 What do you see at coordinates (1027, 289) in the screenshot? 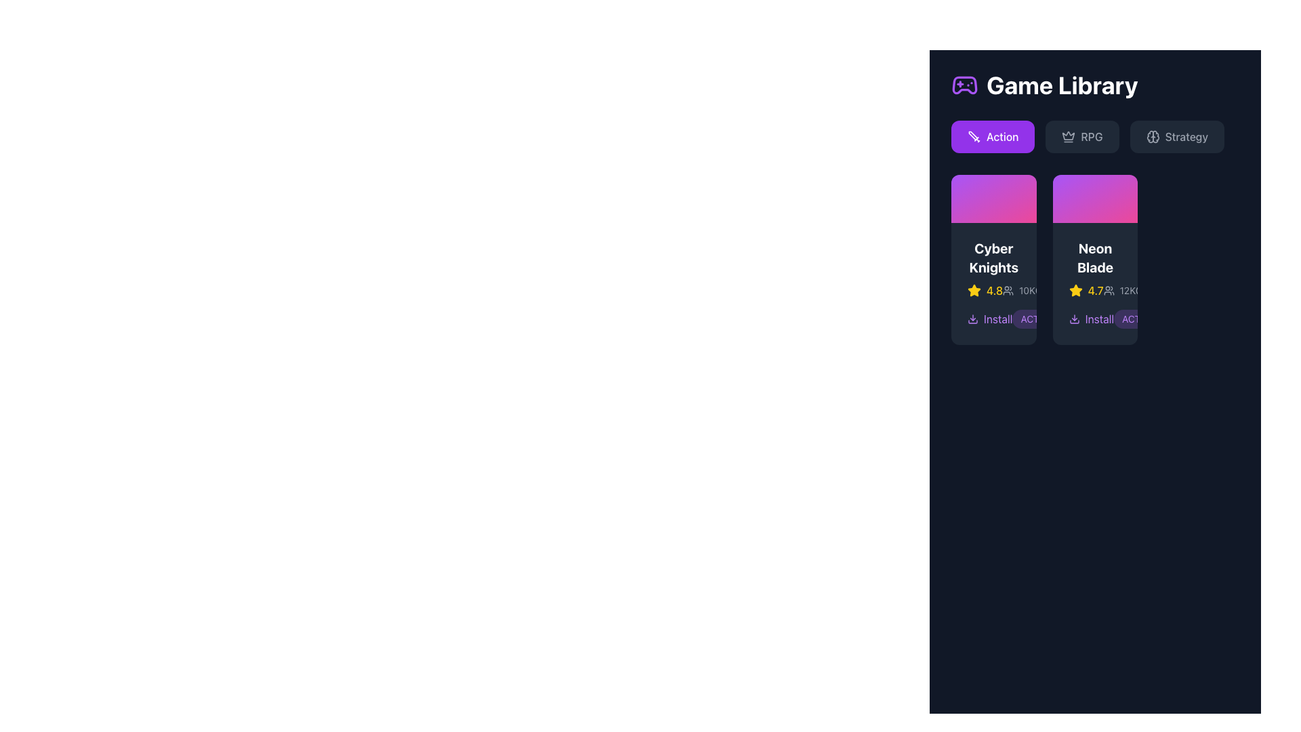
I see `text label displaying the number of users or engagements for the game 'Cyber Knights', which shows '10K'` at bounding box center [1027, 289].